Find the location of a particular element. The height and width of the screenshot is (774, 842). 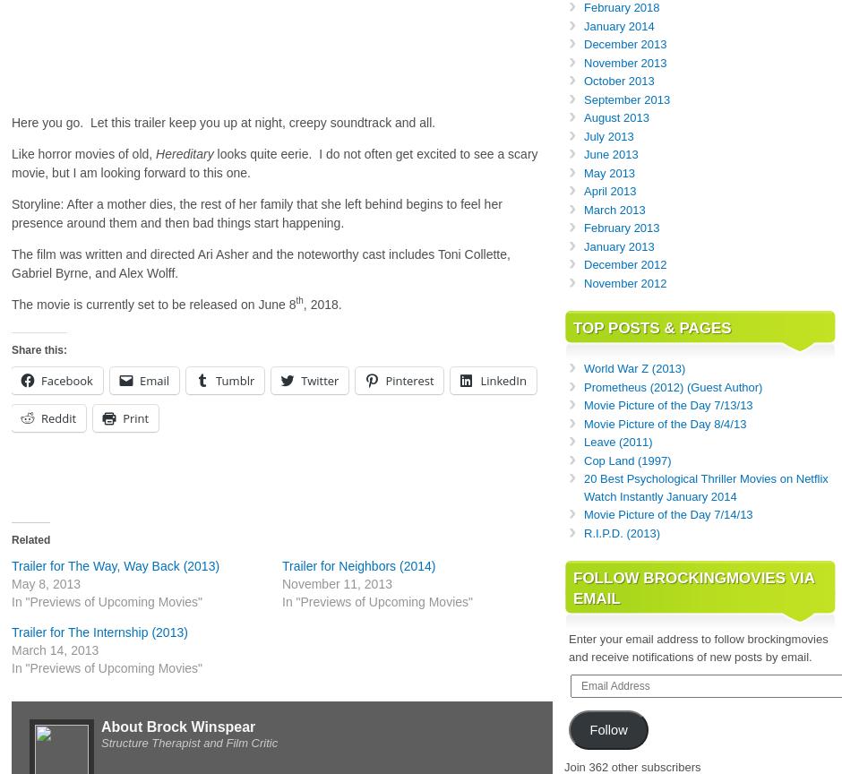

'November 2013' is located at coordinates (624, 62).